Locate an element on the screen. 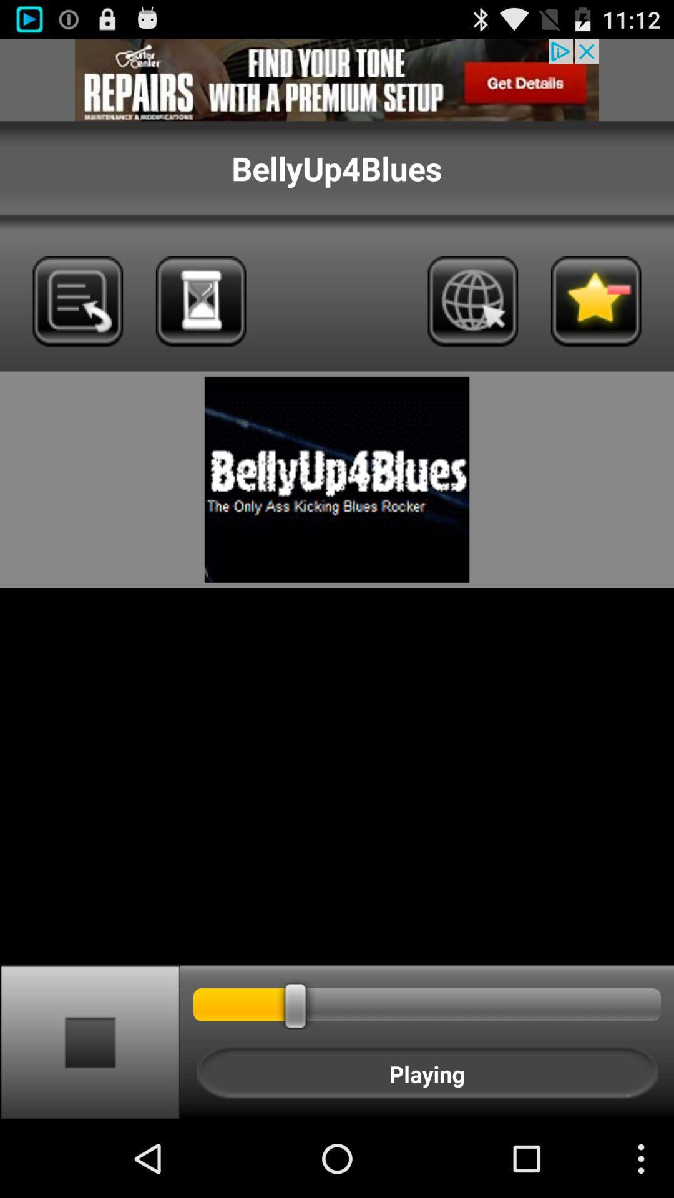 The image size is (674, 1198). icon page is located at coordinates (472, 301).